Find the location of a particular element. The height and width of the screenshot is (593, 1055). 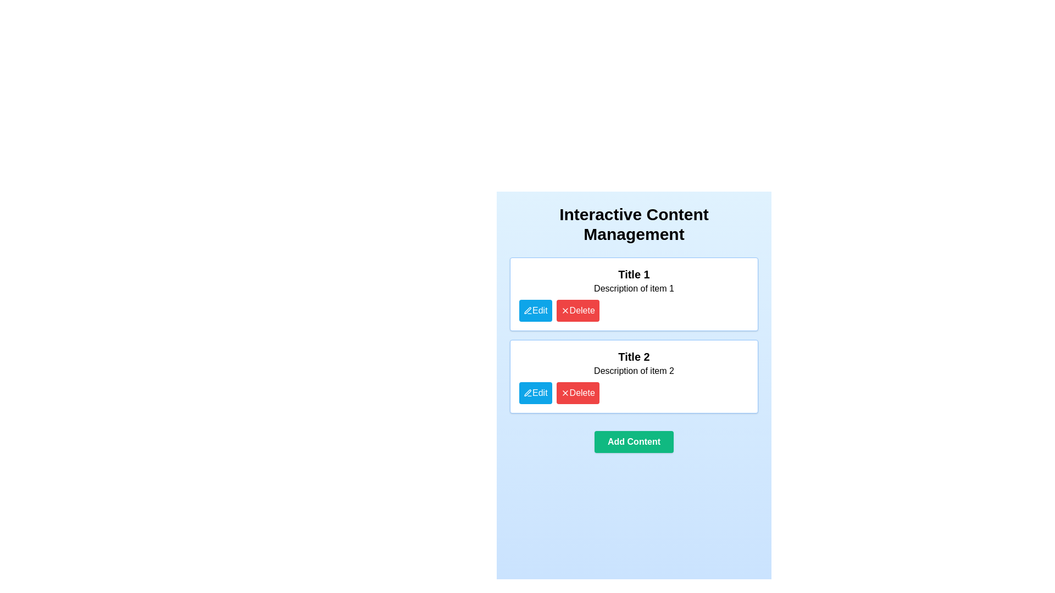

the bold, large title text that reads 'Interactive Content Management' at the top of the interface is located at coordinates (634, 223).